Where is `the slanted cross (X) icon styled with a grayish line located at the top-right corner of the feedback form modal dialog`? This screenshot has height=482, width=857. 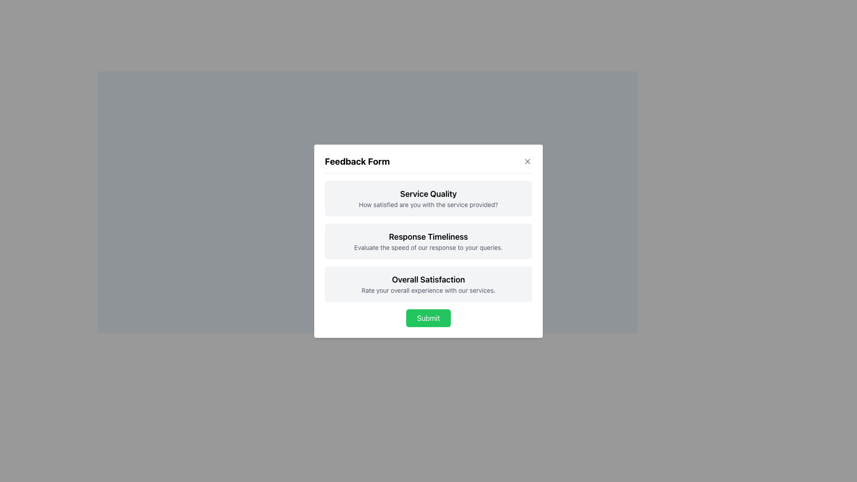
the slanted cross (X) icon styled with a grayish line located at the top-right corner of the feedback form modal dialog is located at coordinates (527, 161).